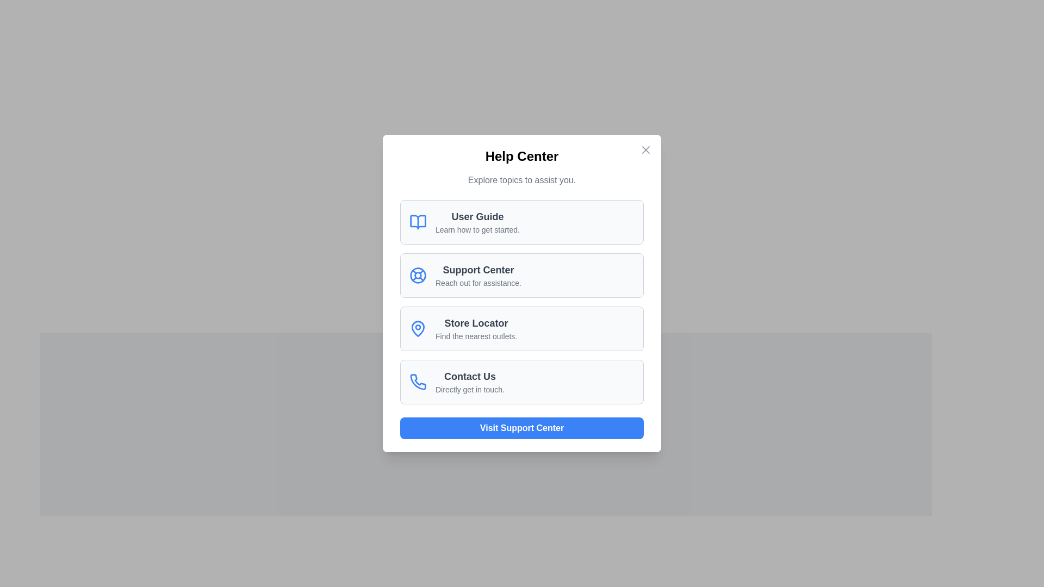 The image size is (1044, 587). What do you see at coordinates (646, 150) in the screenshot?
I see `the close icon button located in the top-right corner of the Help Center dialog box` at bounding box center [646, 150].